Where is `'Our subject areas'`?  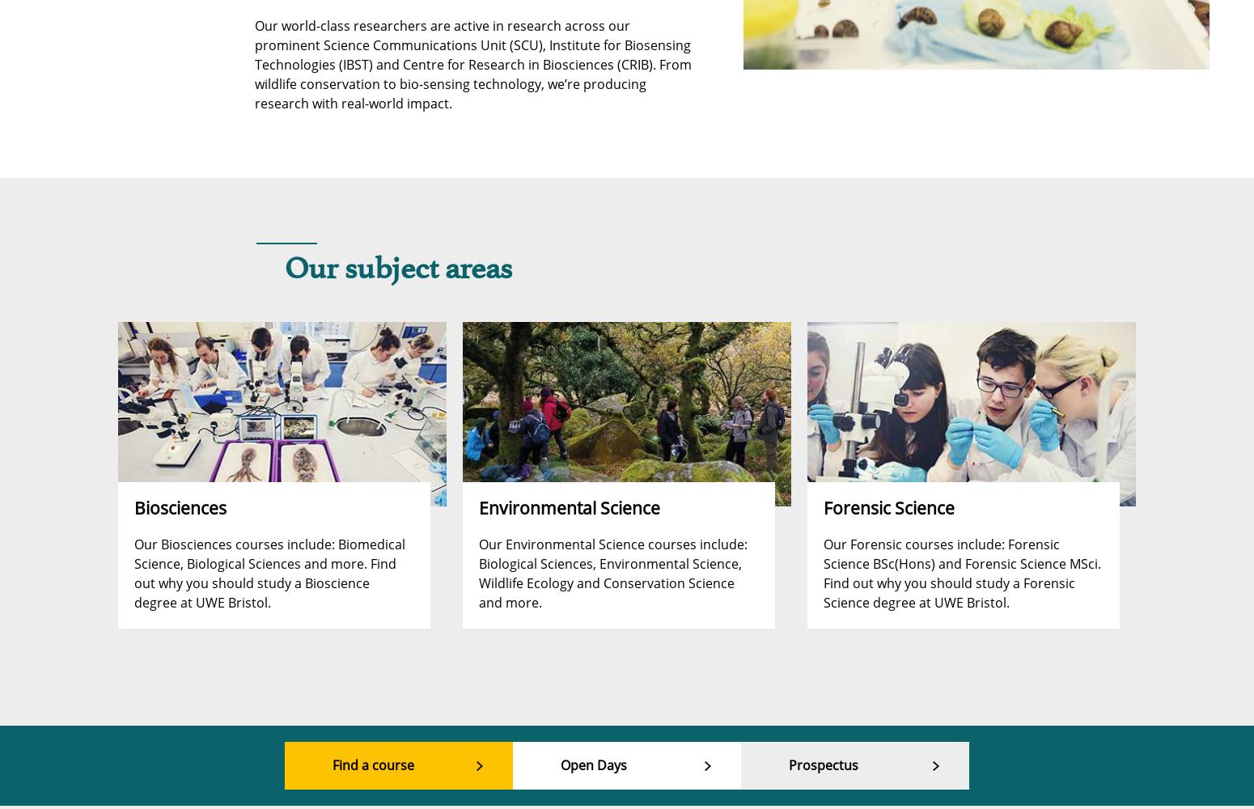
'Our subject areas' is located at coordinates (283, 269).